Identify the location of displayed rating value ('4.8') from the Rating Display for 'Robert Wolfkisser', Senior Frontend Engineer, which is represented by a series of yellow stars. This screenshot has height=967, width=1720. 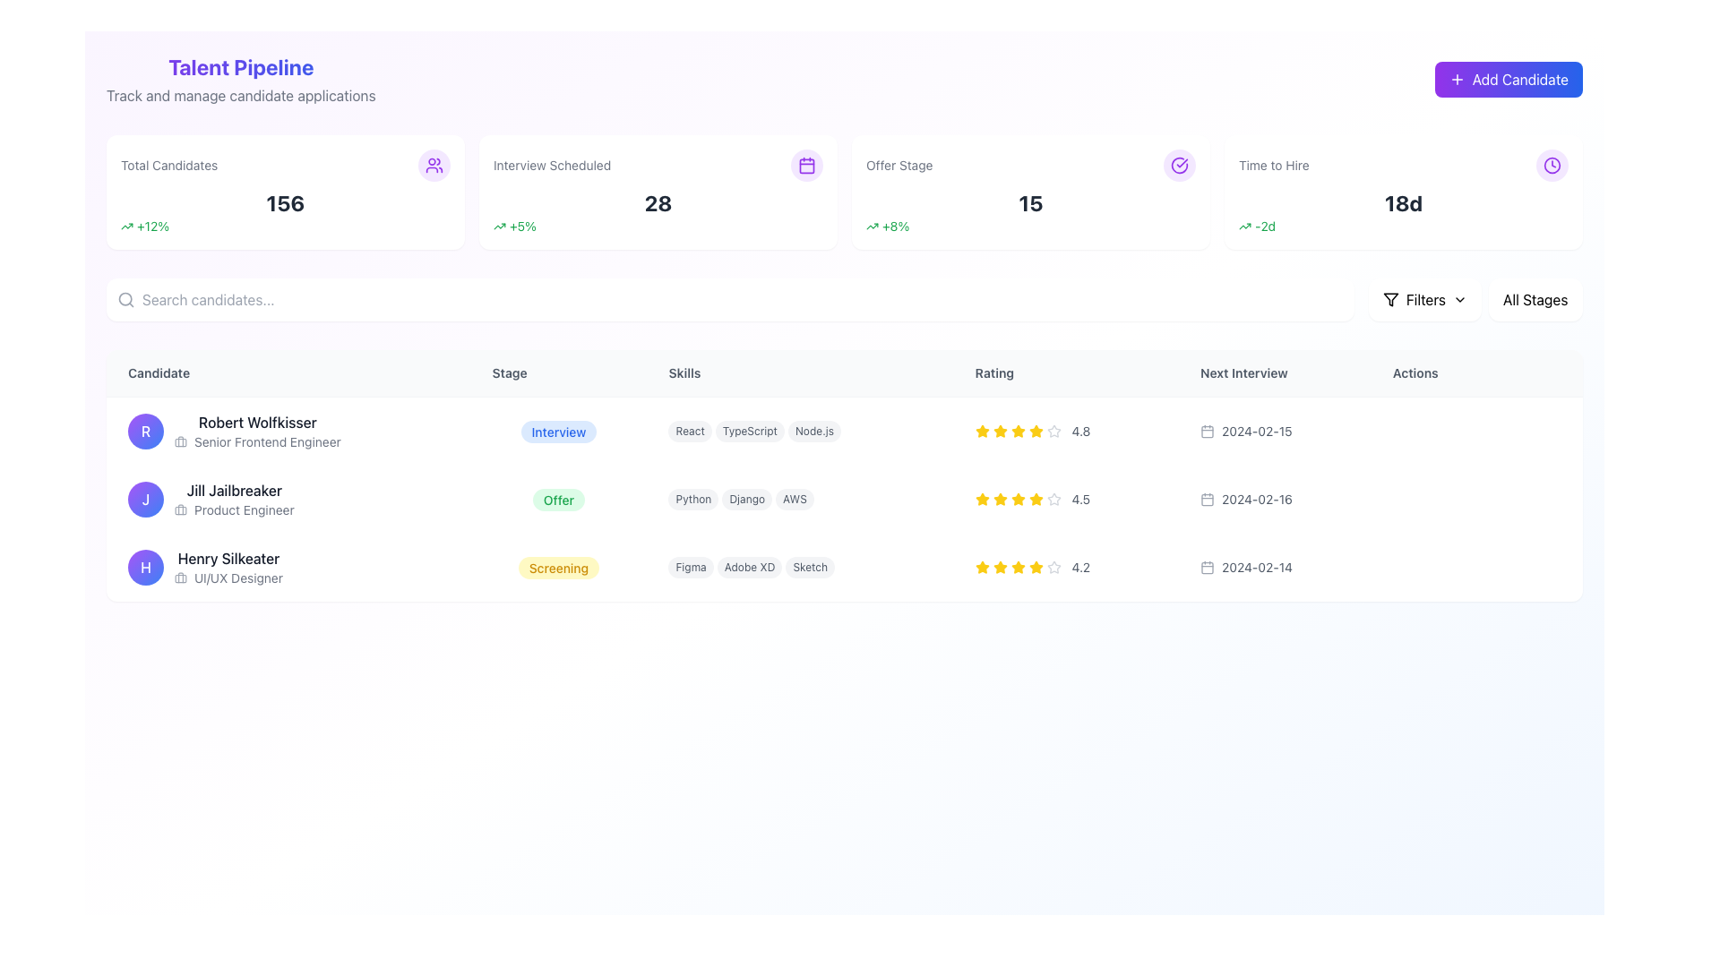
(1066, 431).